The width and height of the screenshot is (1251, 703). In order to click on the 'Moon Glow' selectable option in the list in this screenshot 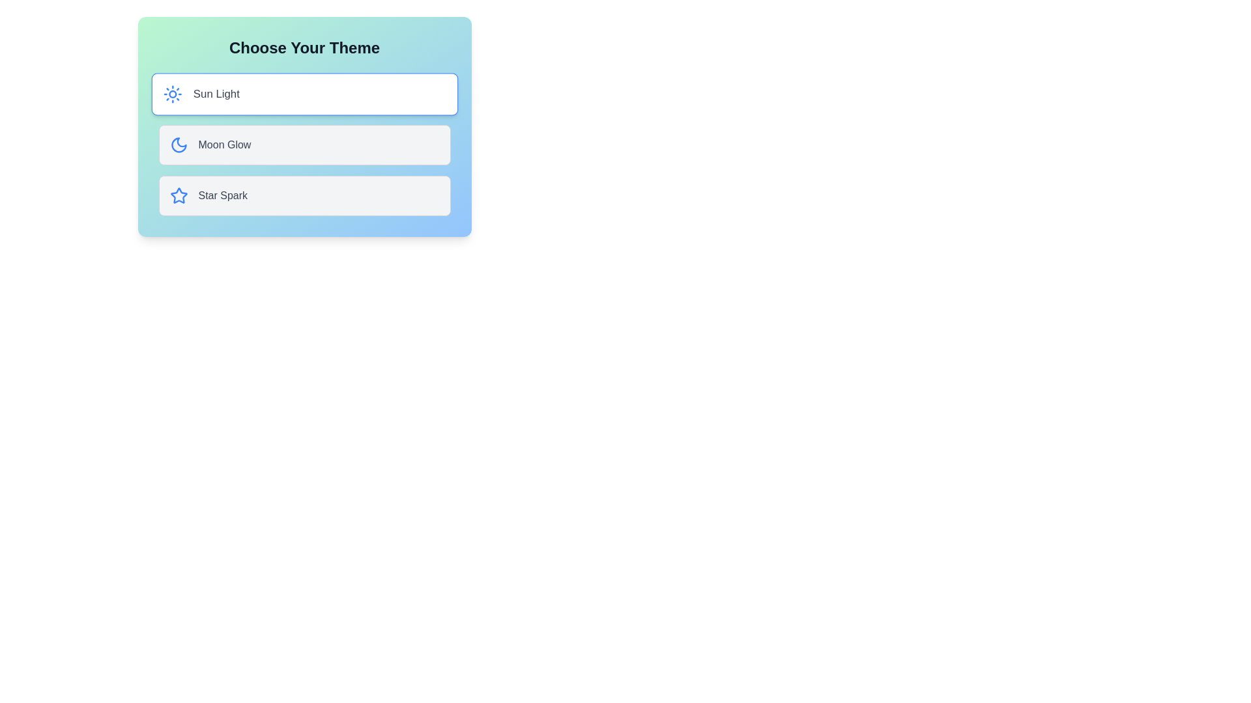, I will do `click(304, 145)`.